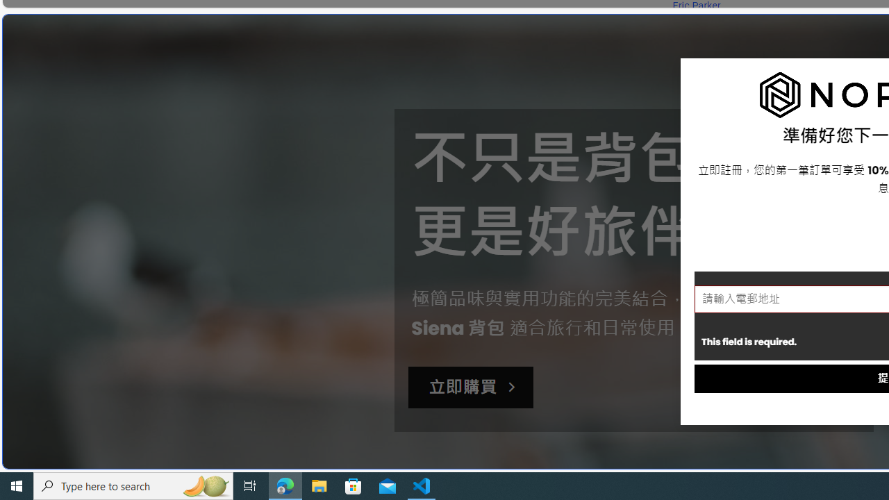  Describe the element at coordinates (696, 6) in the screenshot. I see `'Eric Parker'` at that location.